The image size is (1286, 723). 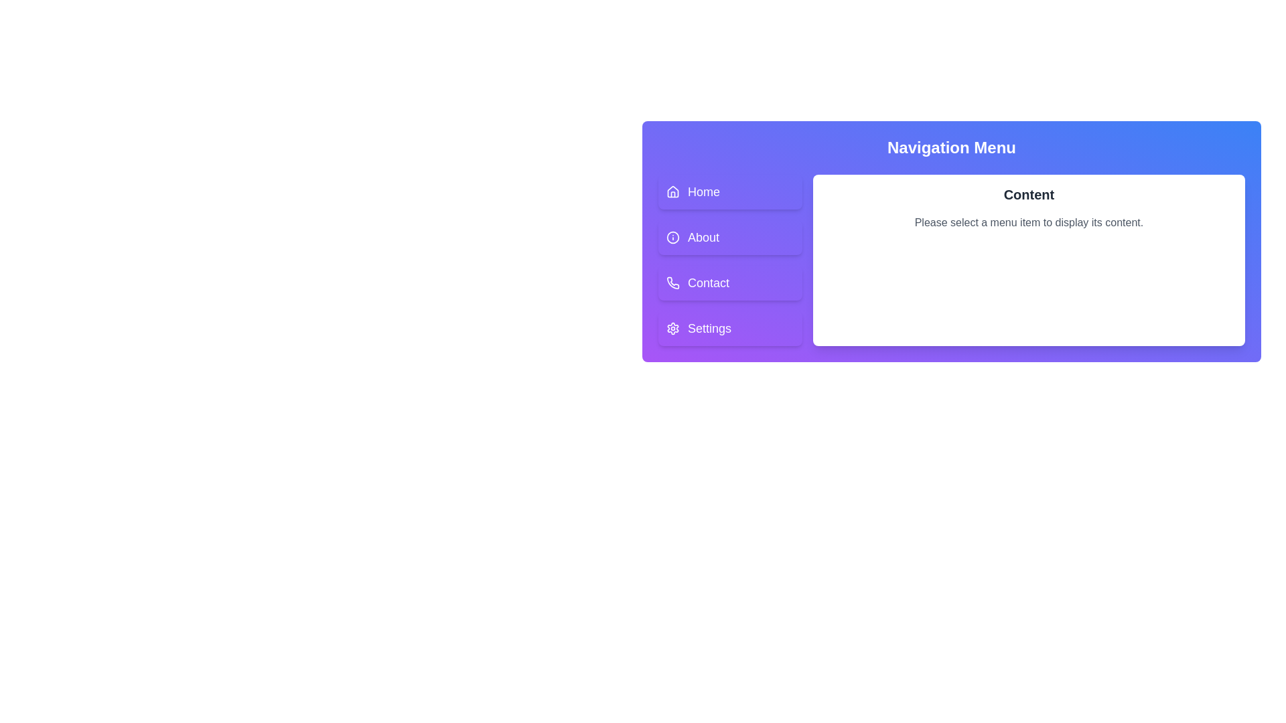 I want to click on the 'Home' button located at the top of the vertical navigation menu on the left side of the interface, so click(x=729, y=191).